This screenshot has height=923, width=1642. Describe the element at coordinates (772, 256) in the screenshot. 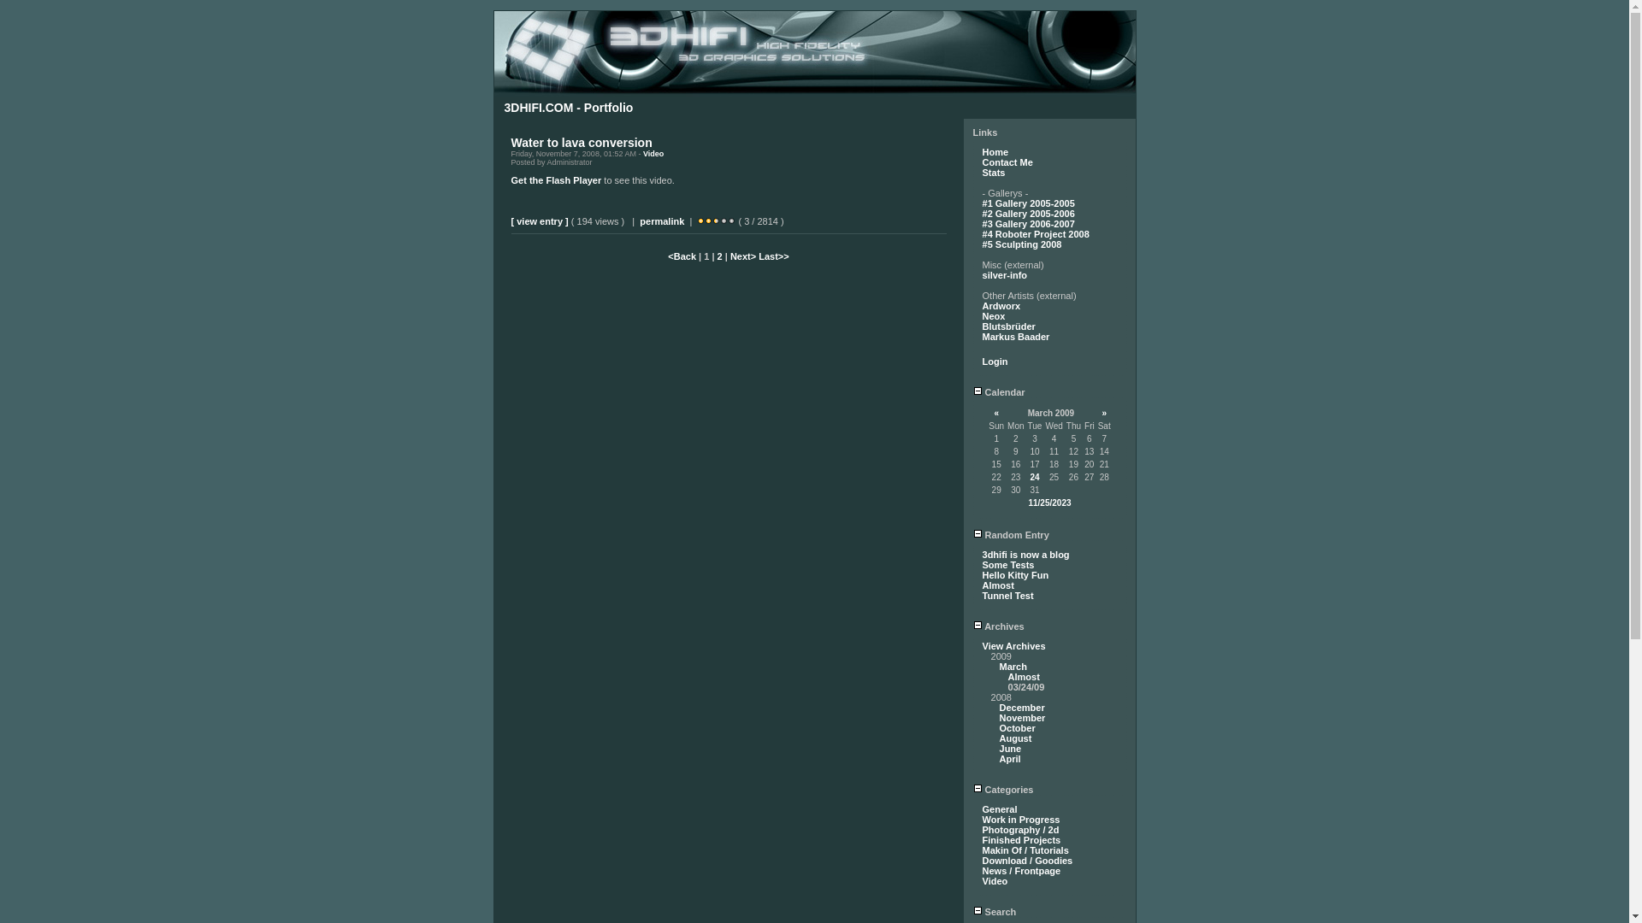

I see `'Last>>'` at that location.